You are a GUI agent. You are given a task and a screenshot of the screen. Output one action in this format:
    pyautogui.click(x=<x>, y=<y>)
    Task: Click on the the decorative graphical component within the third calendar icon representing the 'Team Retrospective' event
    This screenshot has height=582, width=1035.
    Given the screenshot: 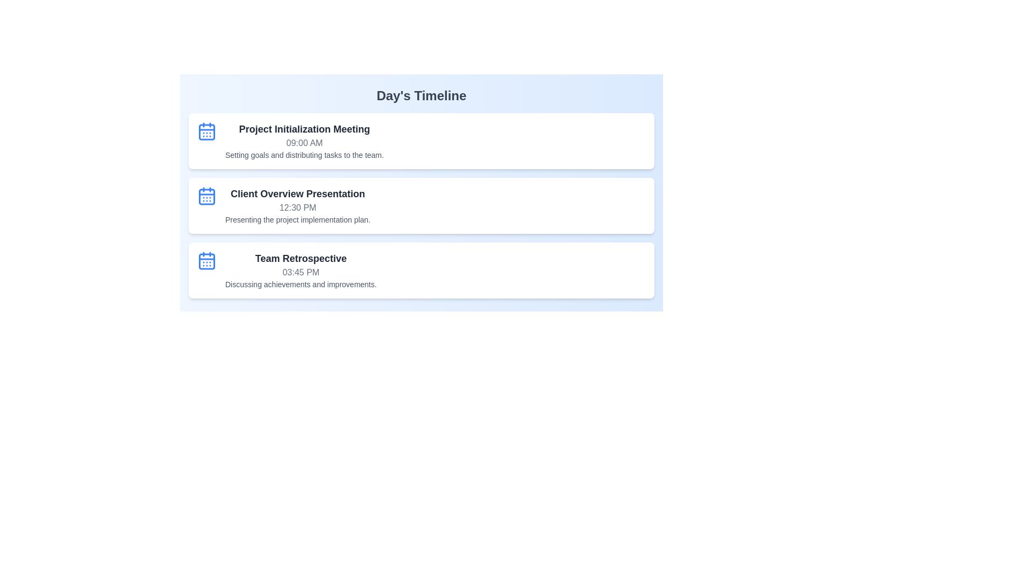 What is the action you would take?
    pyautogui.click(x=207, y=261)
    